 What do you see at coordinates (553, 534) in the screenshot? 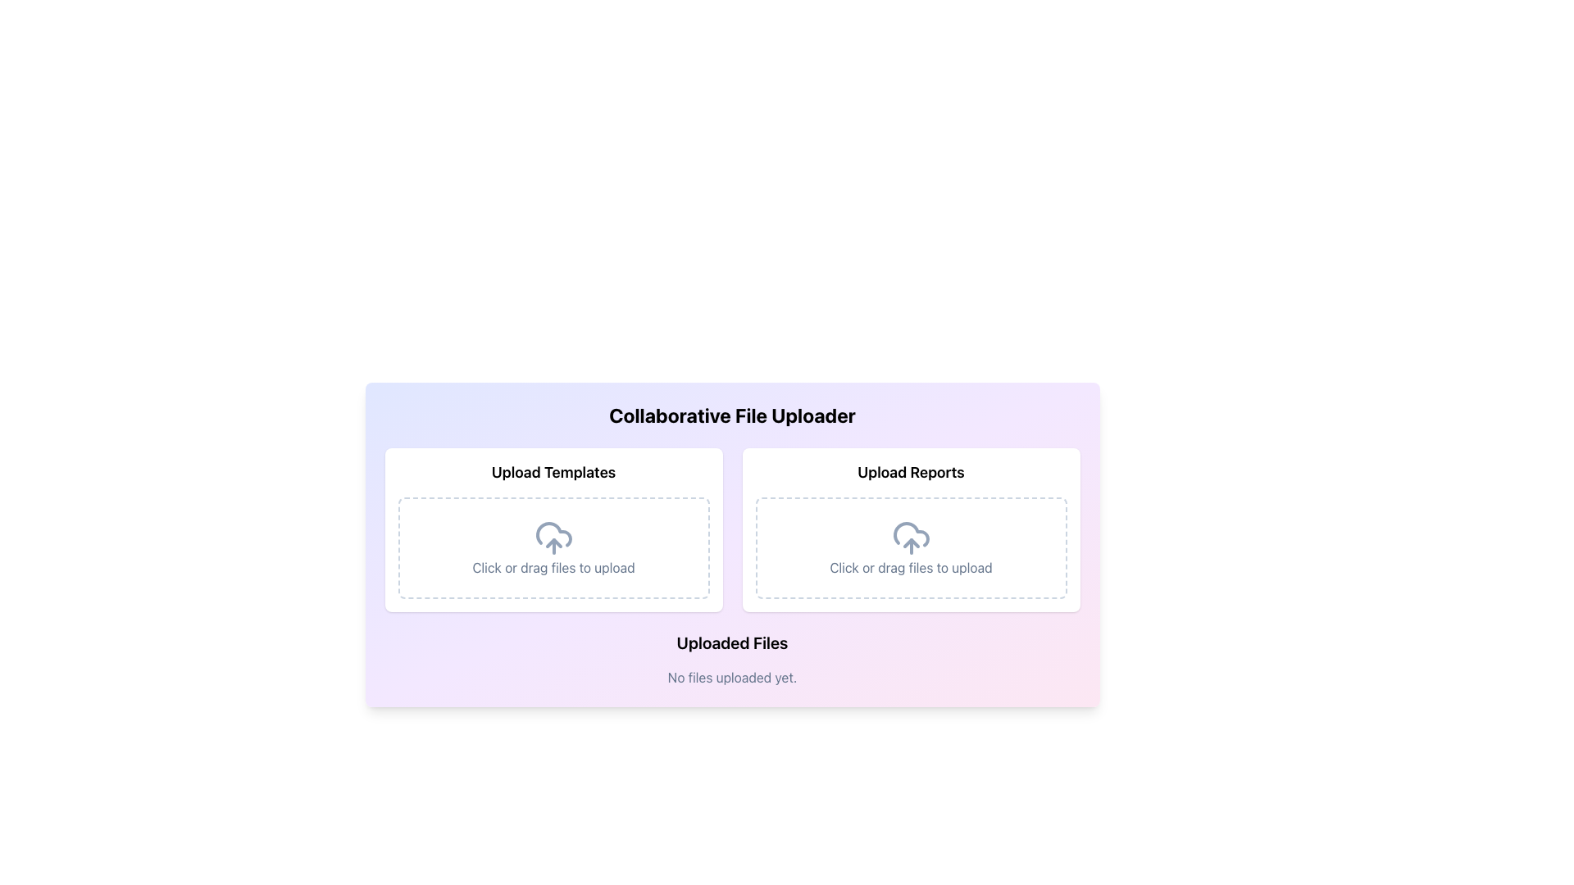
I see `the graphical part of the 'Upload Templates' icon, which is a decorative visual element within the left box labeled 'Upload Templates'` at bounding box center [553, 534].